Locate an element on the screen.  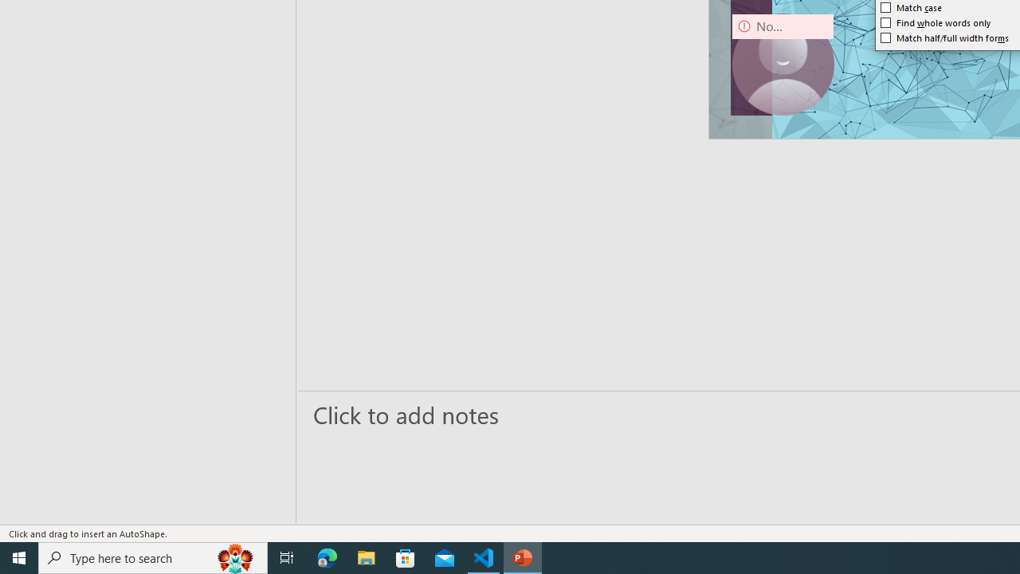
'Task View' is located at coordinates (286, 556).